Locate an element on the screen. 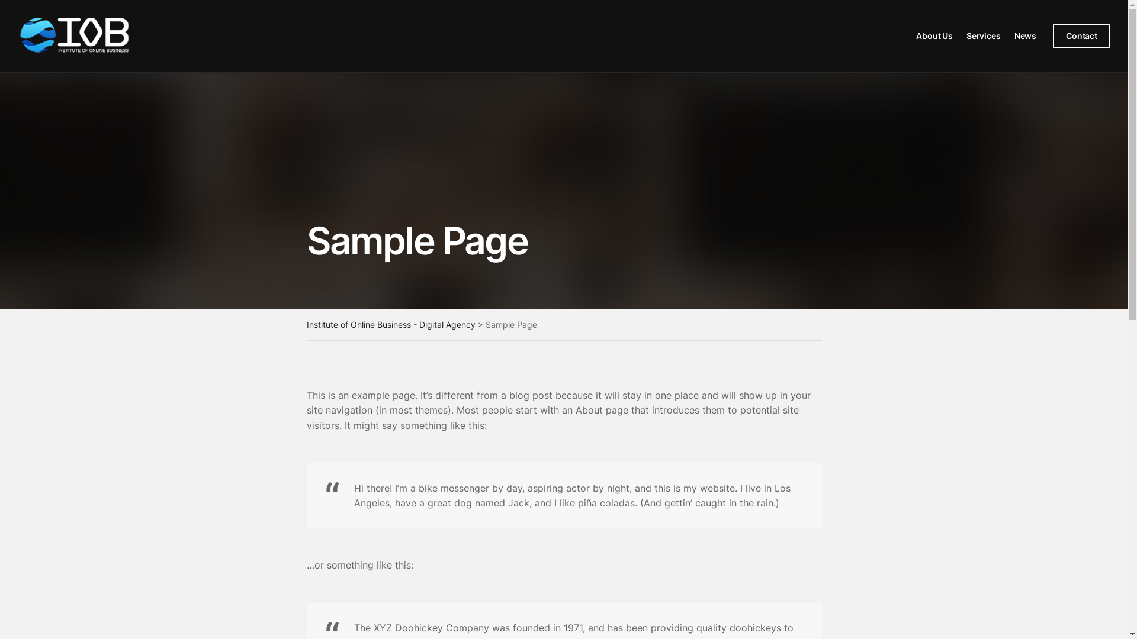  'Services' is located at coordinates (983, 35).